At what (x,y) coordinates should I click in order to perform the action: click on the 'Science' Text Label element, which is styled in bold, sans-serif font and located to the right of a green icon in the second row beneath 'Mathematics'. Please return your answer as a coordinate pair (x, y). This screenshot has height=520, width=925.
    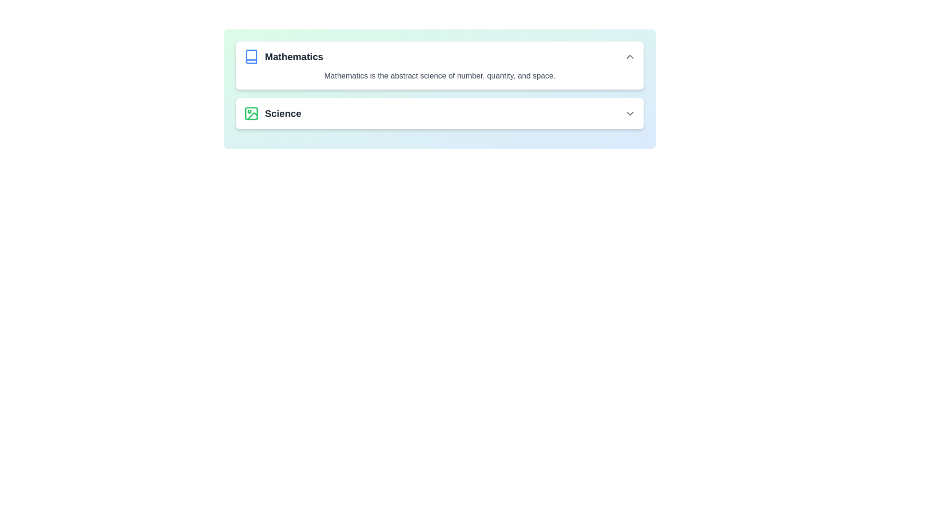
    Looking at the image, I should click on (282, 113).